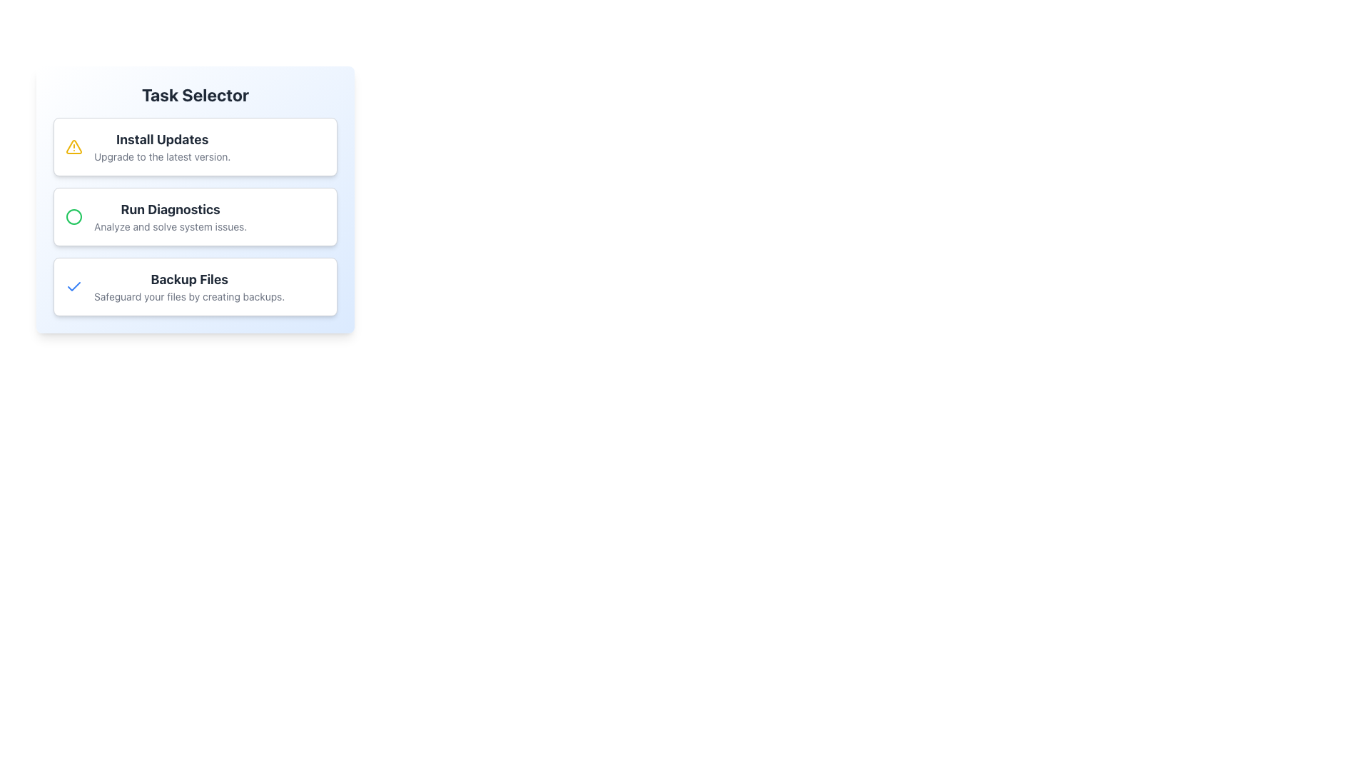  What do you see at coordinates (188, 280) in the screenshot?
I see `main title text of the third selectable task option, which is located above a smaller text providing additional details` at bounding box center [188, 280].